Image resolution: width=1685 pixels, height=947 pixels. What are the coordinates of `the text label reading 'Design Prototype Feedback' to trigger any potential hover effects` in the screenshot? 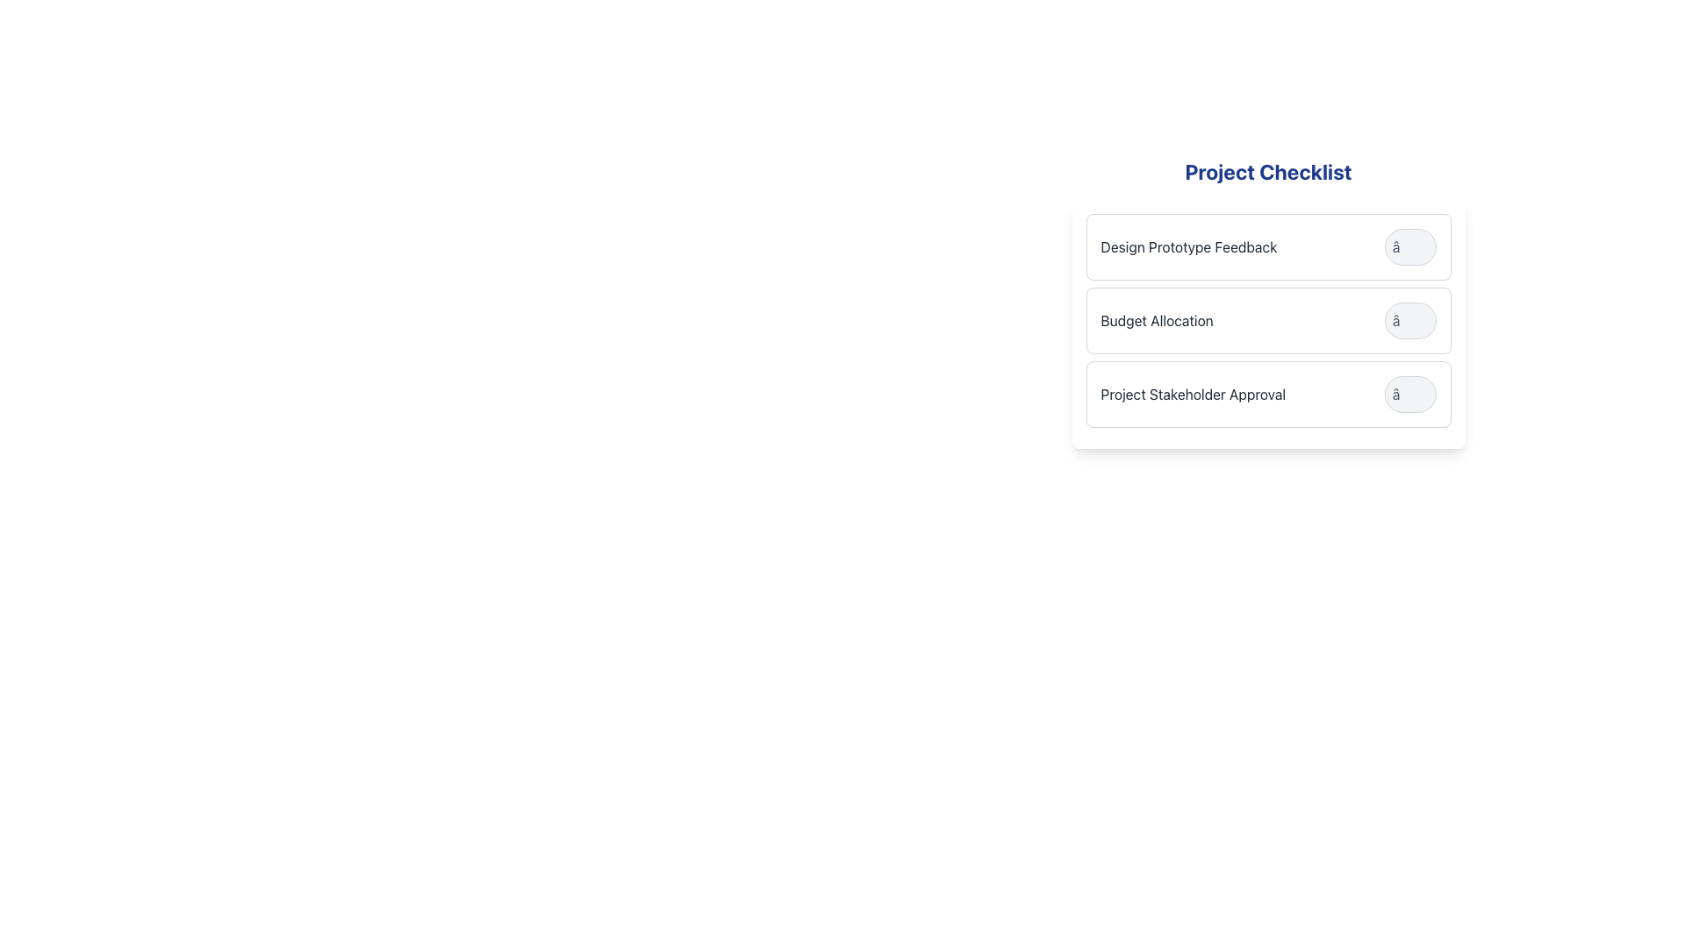 It's located at (1188, 246).